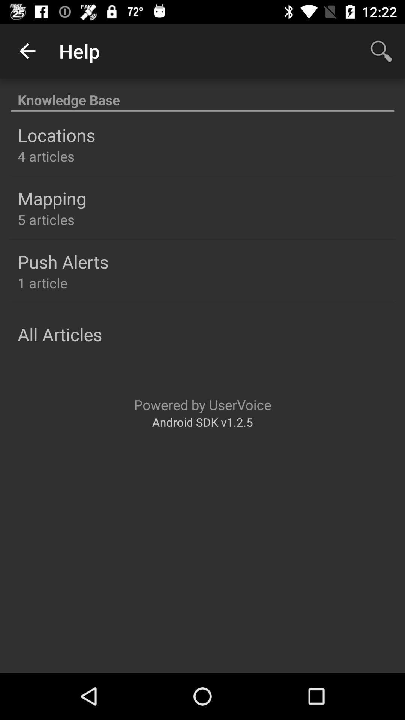 This screenshot has width=405, height=720. Describe the element at coordinates (46, 219) in the screenshot. I see `item below the mapping item` at that location.